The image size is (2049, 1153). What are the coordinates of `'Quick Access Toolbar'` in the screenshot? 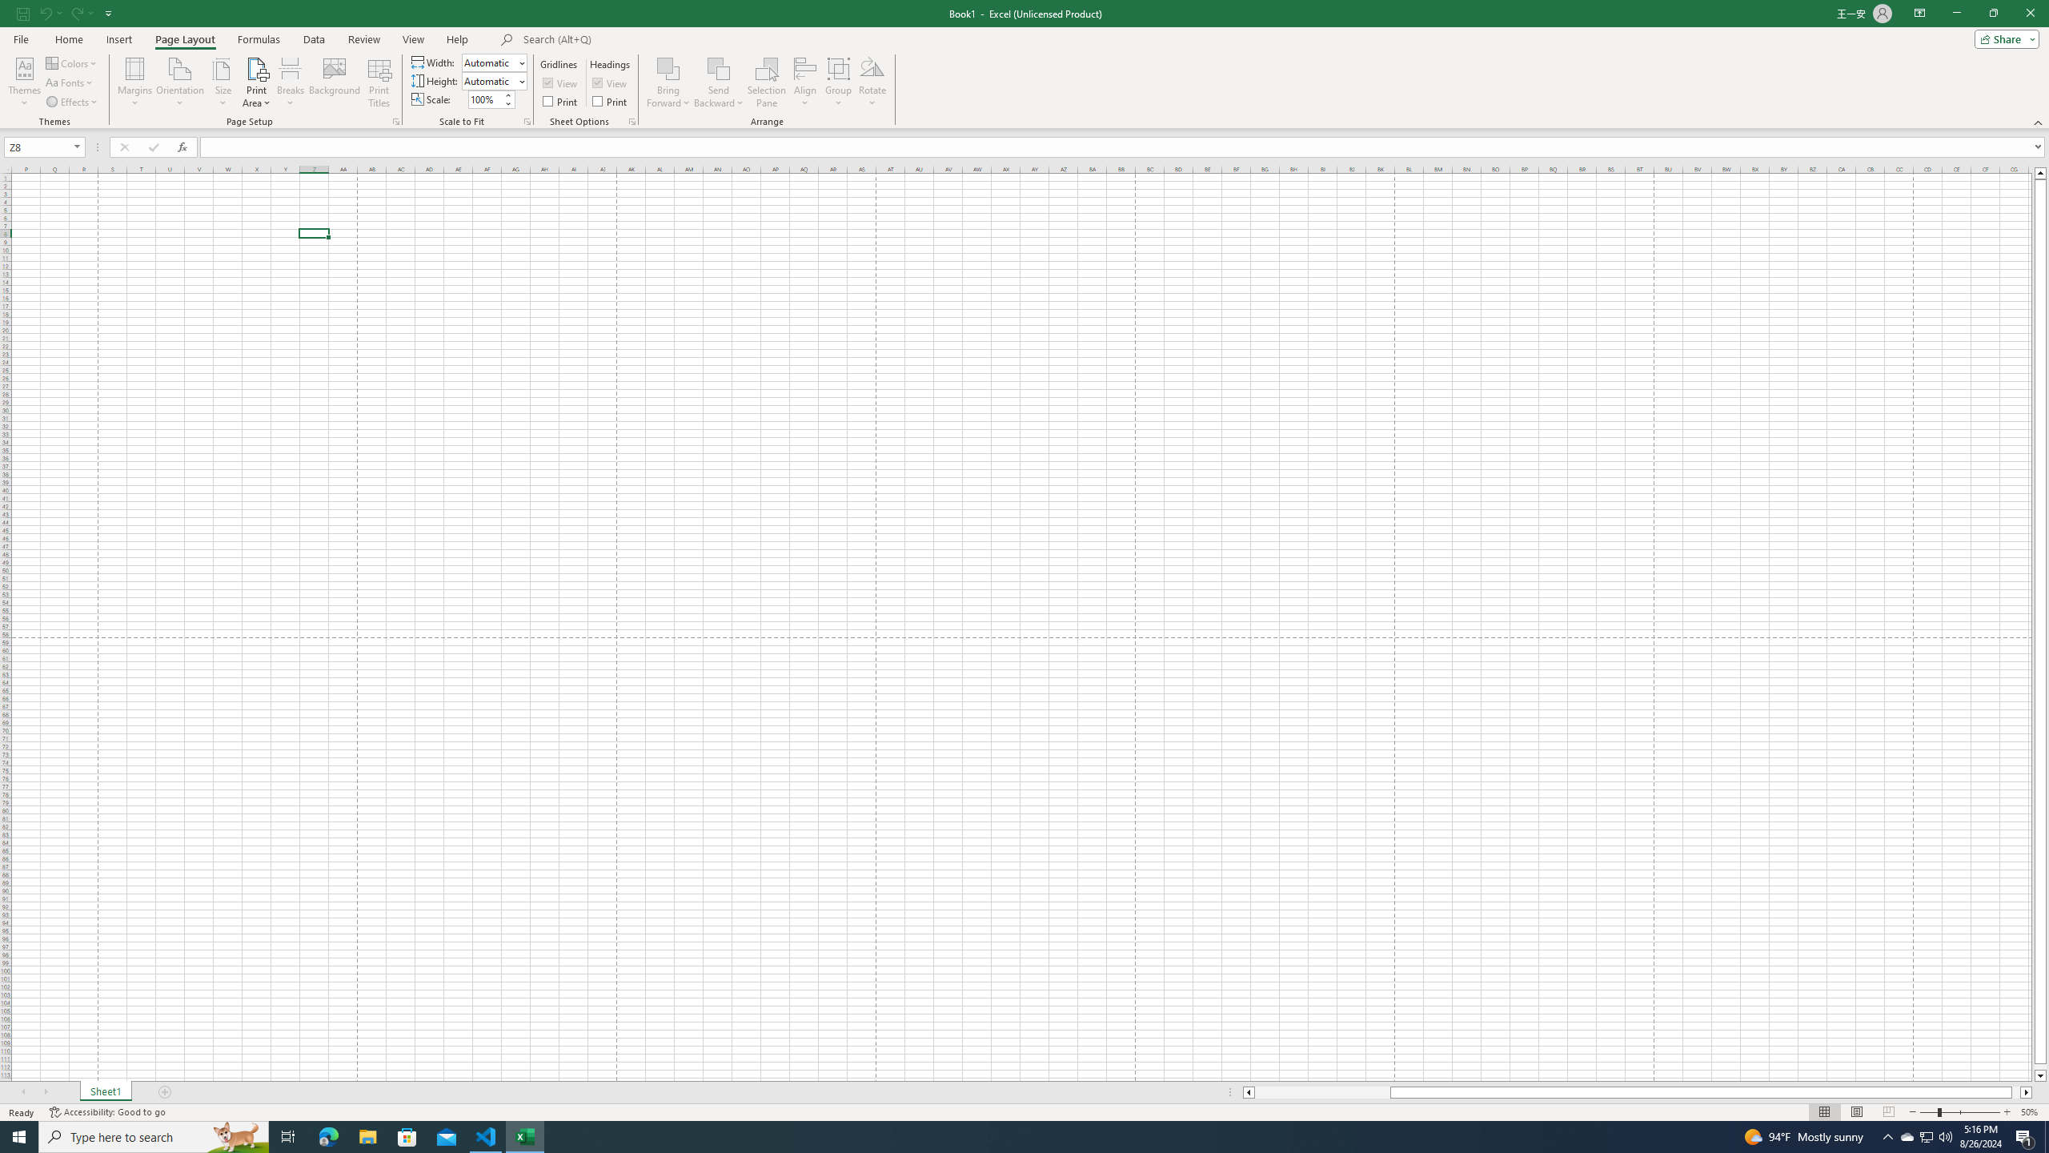 It's located at (66, 13).